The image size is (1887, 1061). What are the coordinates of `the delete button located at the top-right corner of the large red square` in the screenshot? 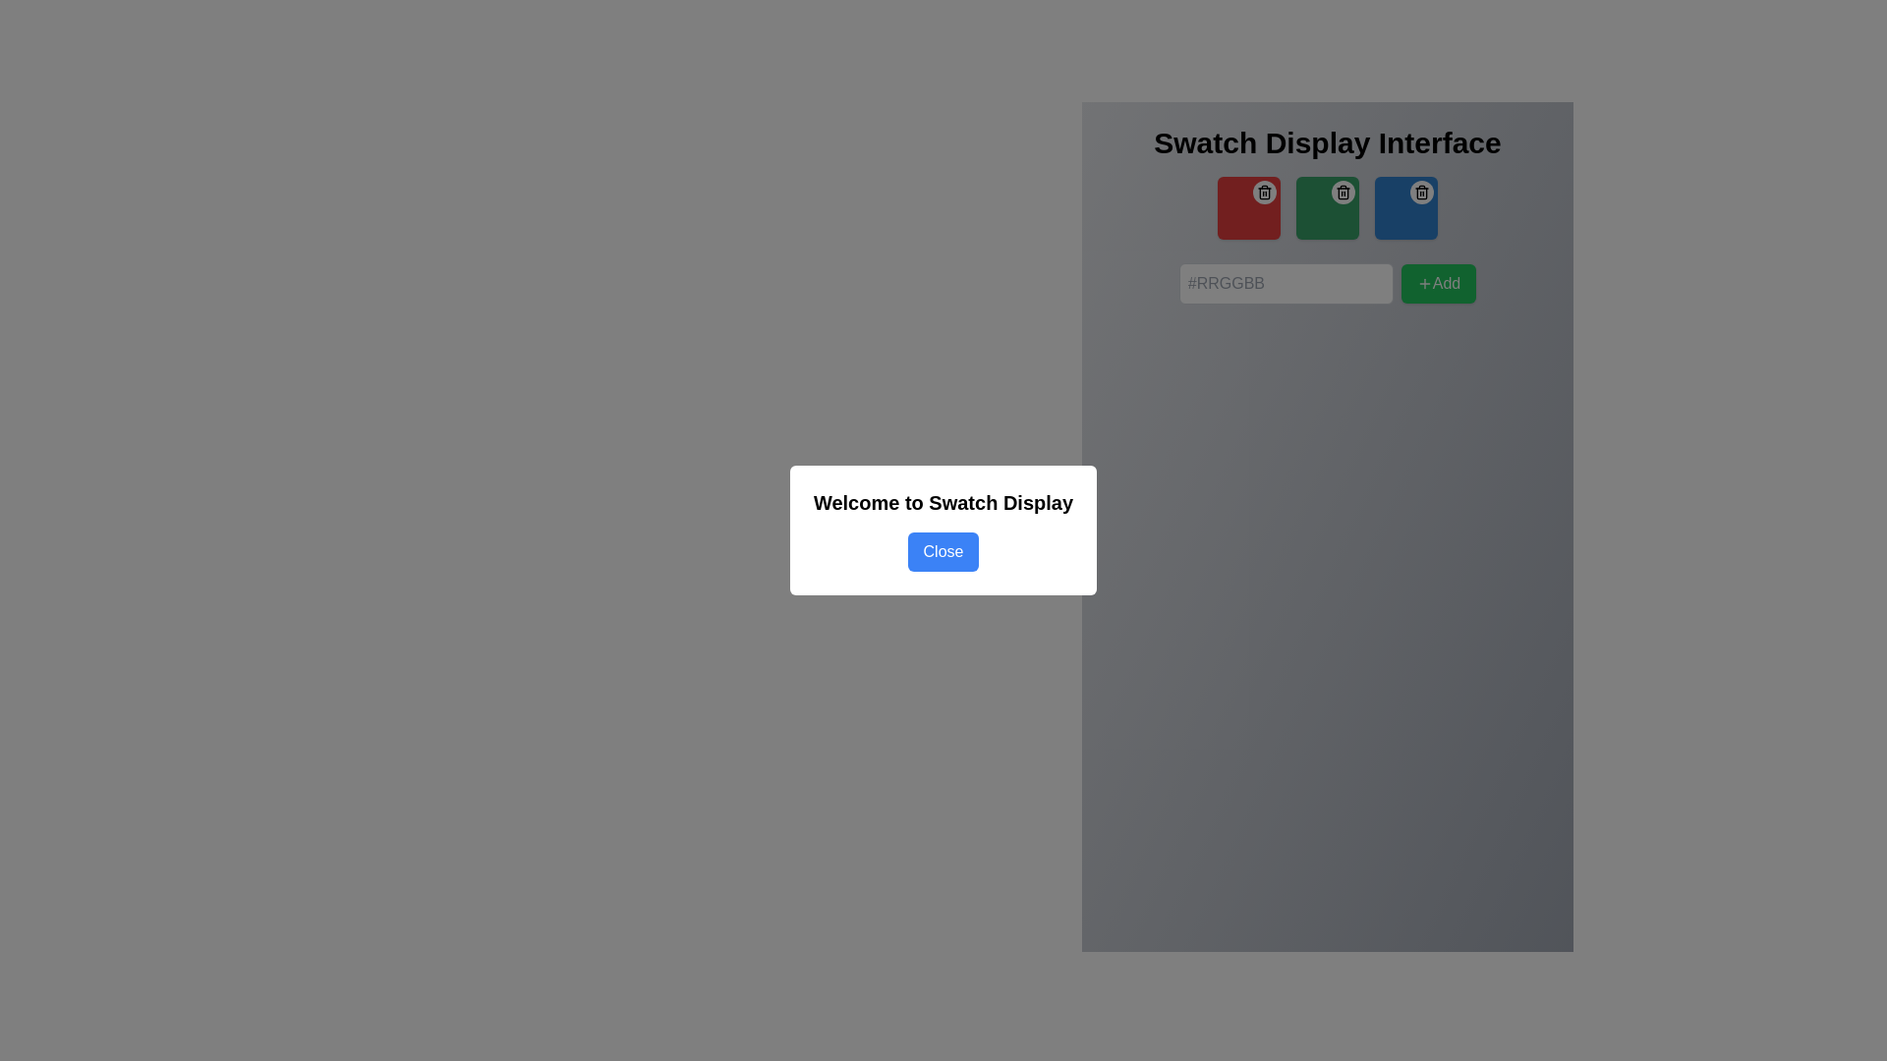 It's located at (1264, 193).